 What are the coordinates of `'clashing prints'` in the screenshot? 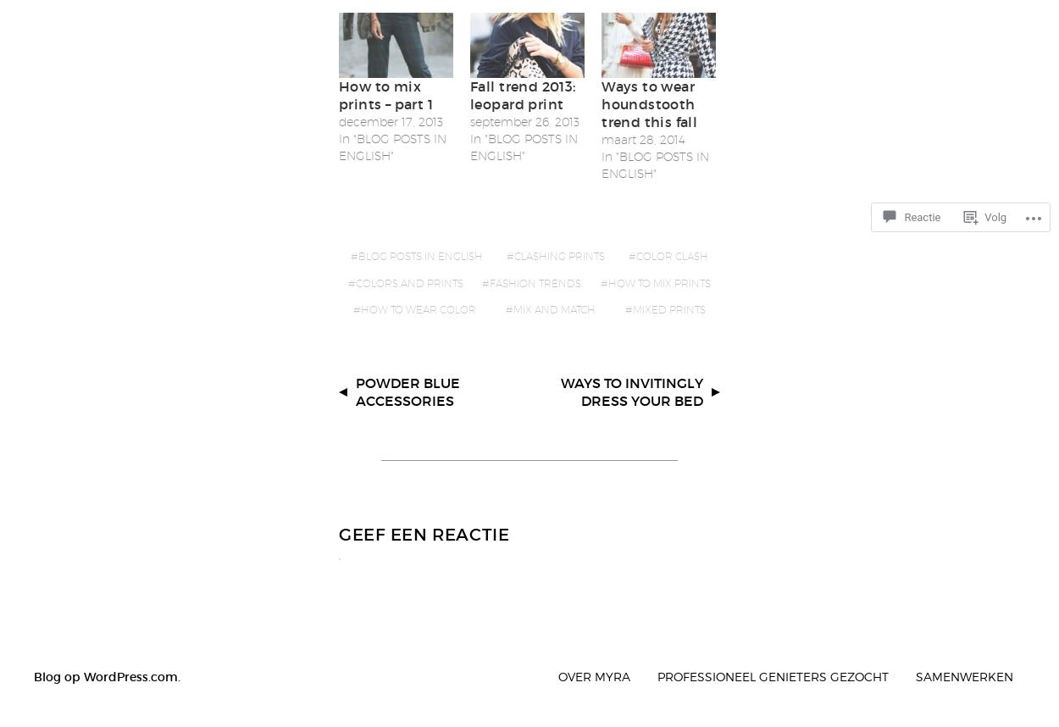 It's located at (513, 255).